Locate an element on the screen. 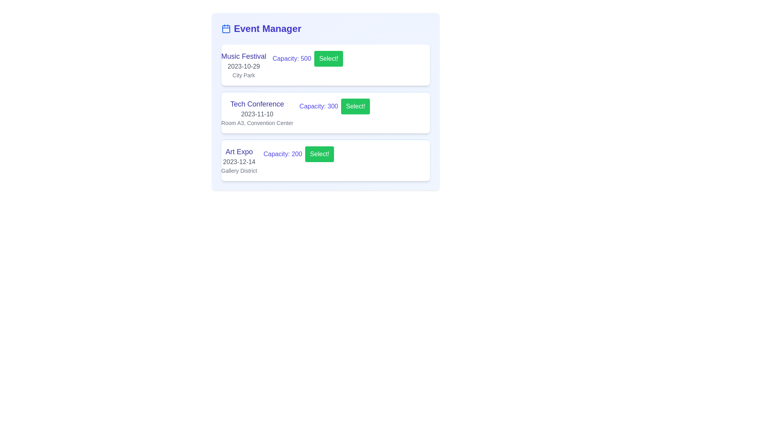 Image resolution: width=758 pixels, height=426 pixels. the prominent 'Event Manager' text label which is large, bold, and indigo colored, located at the top of the interface adjacent to a calendar icon is located at coordinates (267, 28).